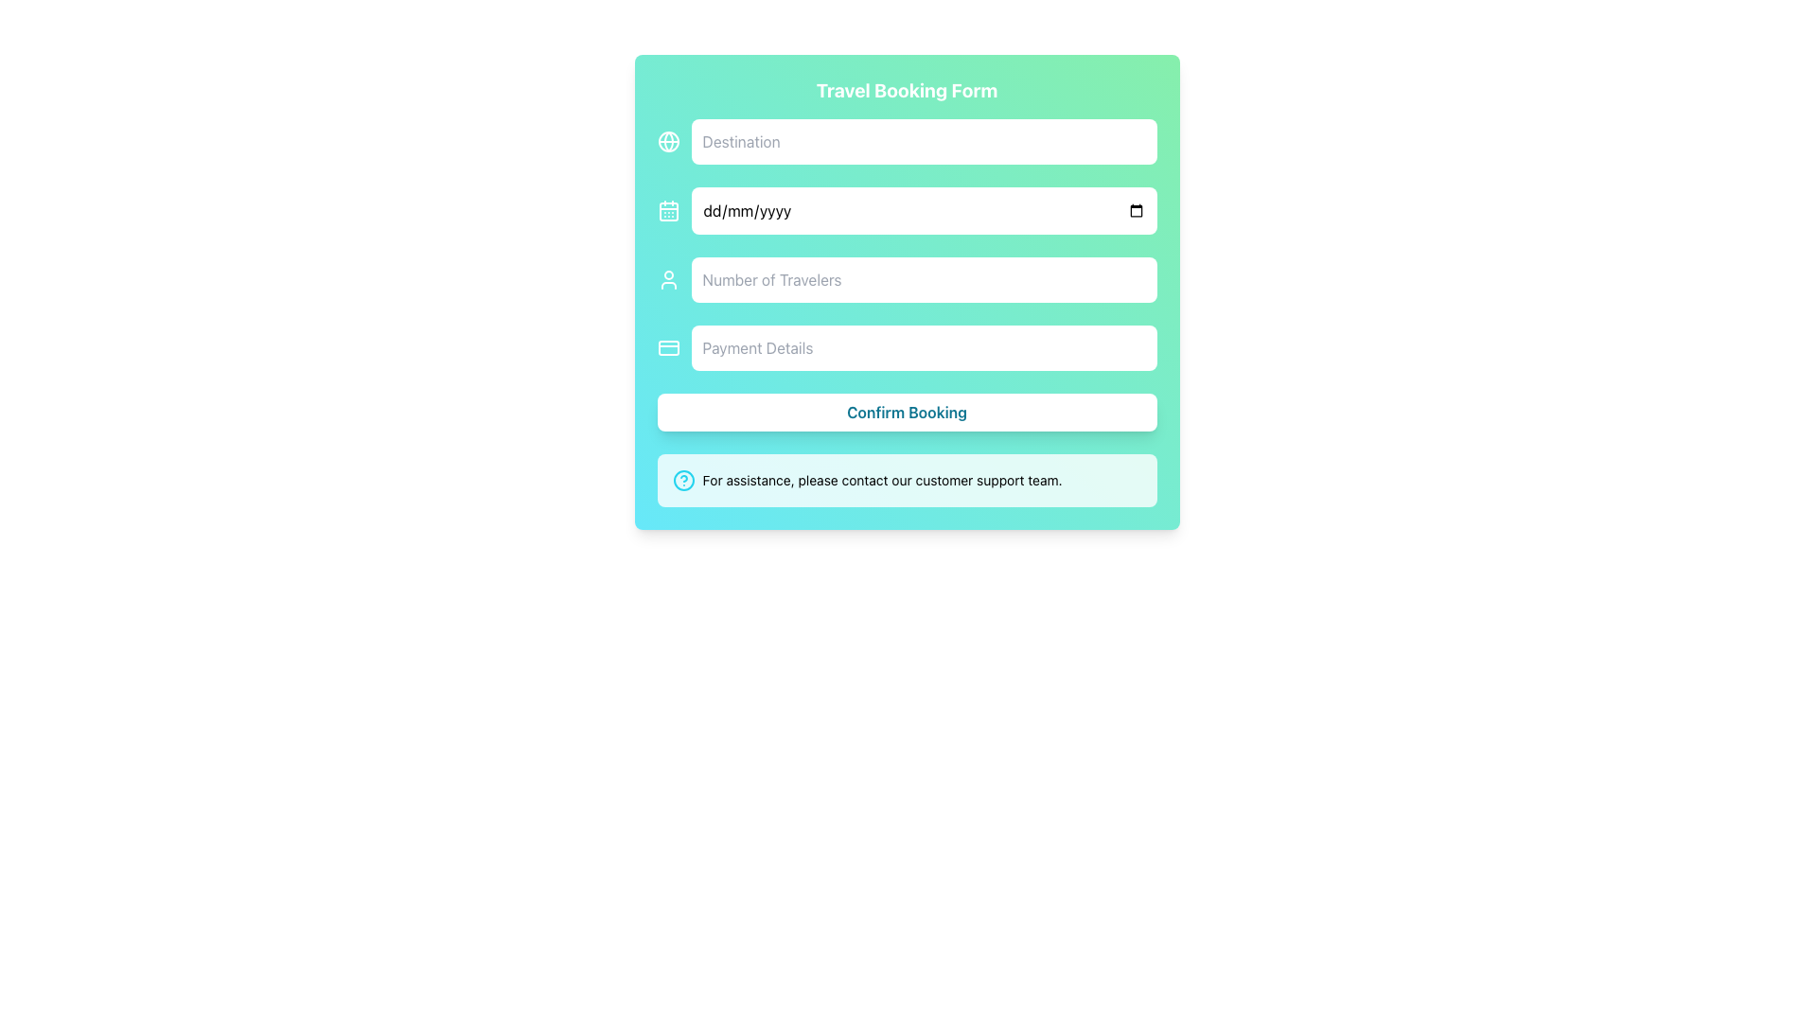 The image size is (1817, 1022). What do you see at coordinates (906, 274) in the screenshot?
I see `the third input field in the 'Travel Booking Form' that allows the user to input the number of travelers in numeric format` at bounding box center [906, 274].